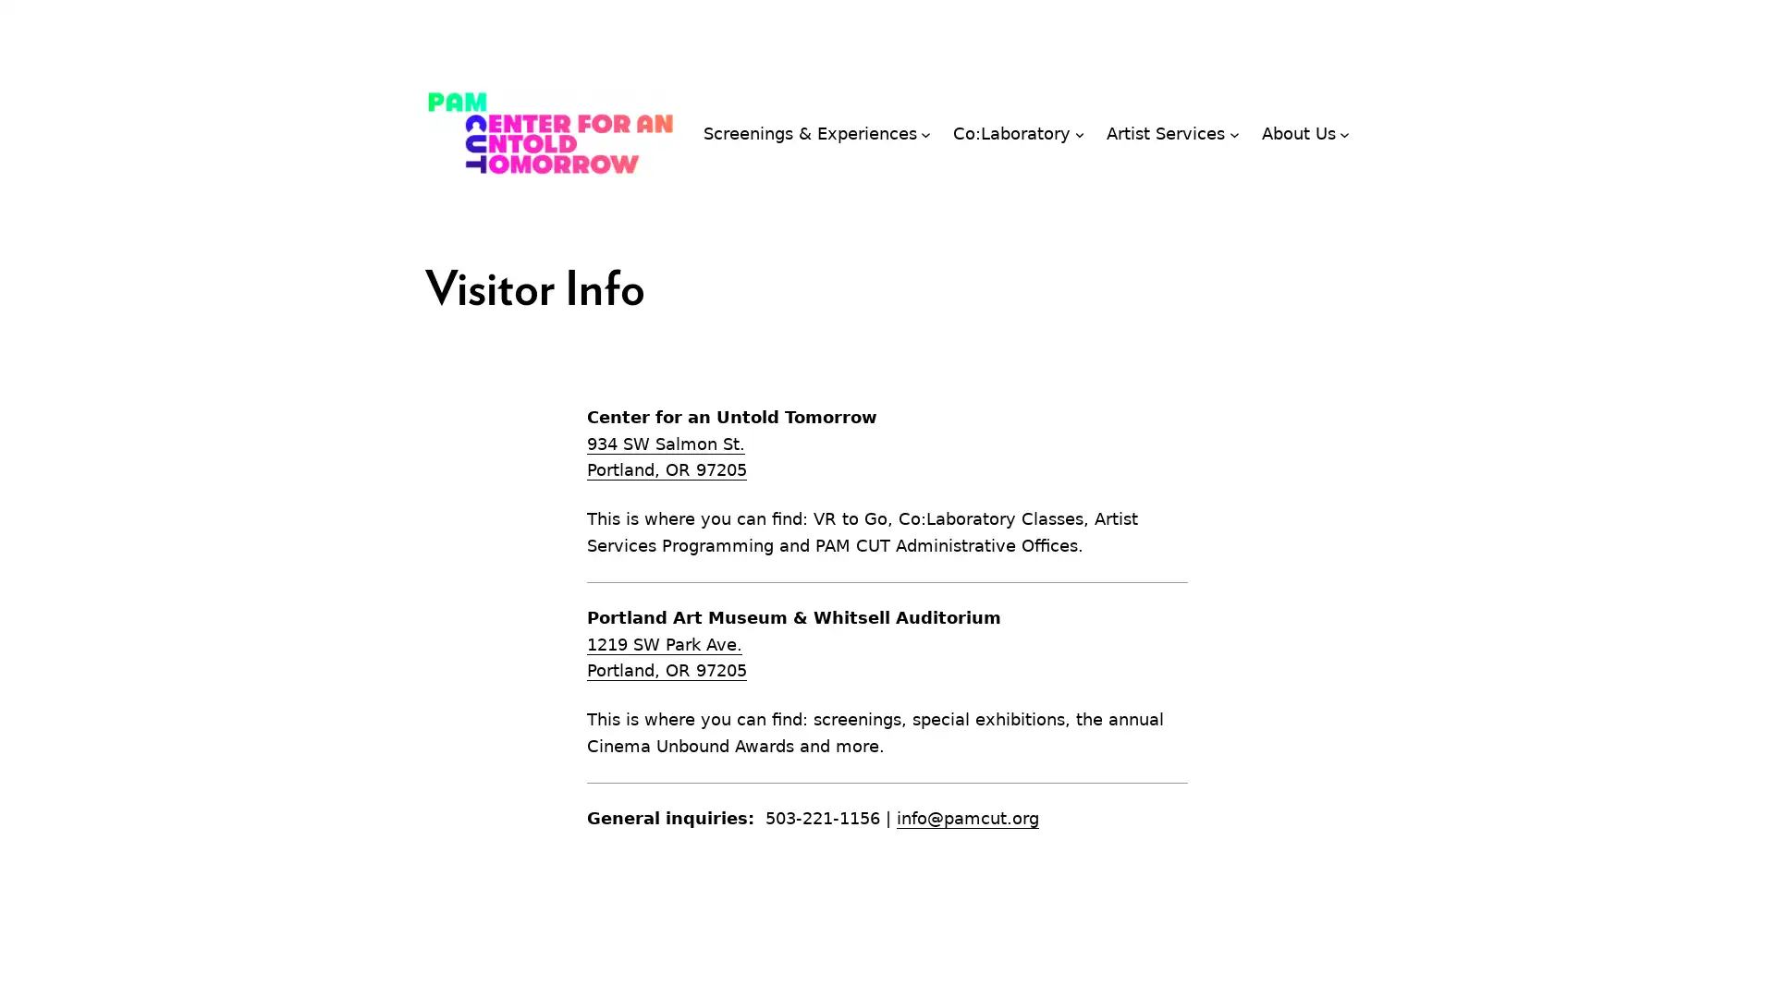 The width and height of the screenshot is (1775, 998). Describe the element at coordinates (1233, 132) in the screenshot. I see `Artist Services submenu` at that location.